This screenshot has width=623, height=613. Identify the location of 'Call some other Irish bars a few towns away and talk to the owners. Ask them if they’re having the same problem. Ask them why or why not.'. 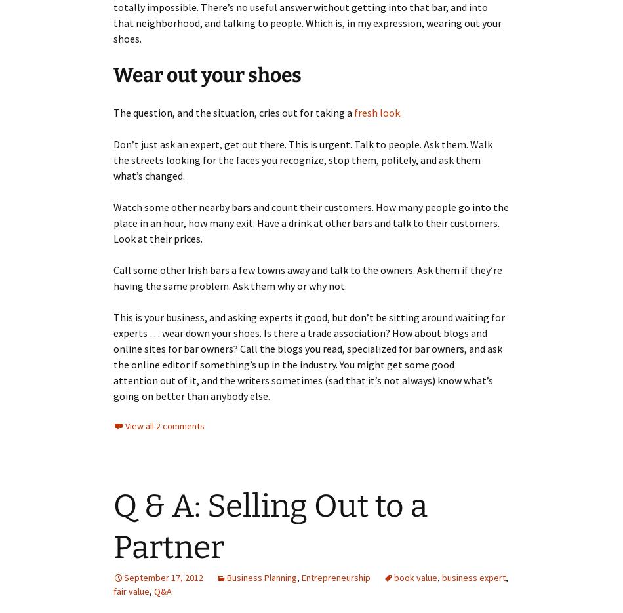
(307, 278).